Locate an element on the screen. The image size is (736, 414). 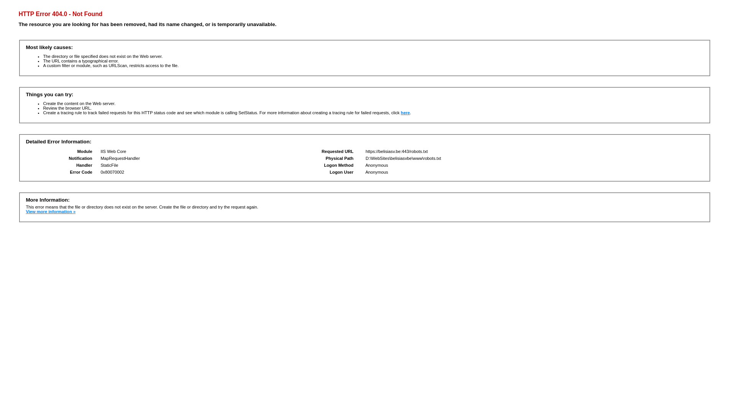
'here' is located at coordinates (405, 112).